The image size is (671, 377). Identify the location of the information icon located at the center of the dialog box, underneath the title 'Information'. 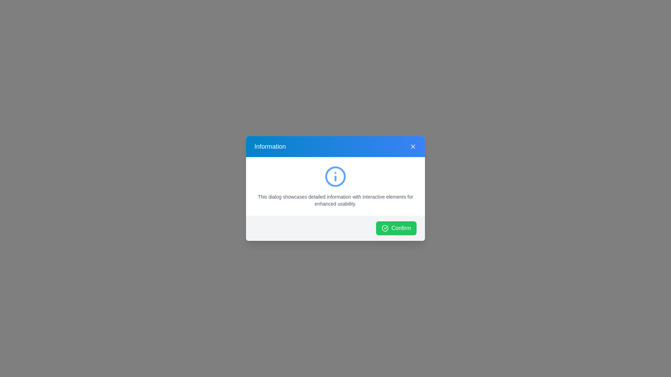
(335, 176).